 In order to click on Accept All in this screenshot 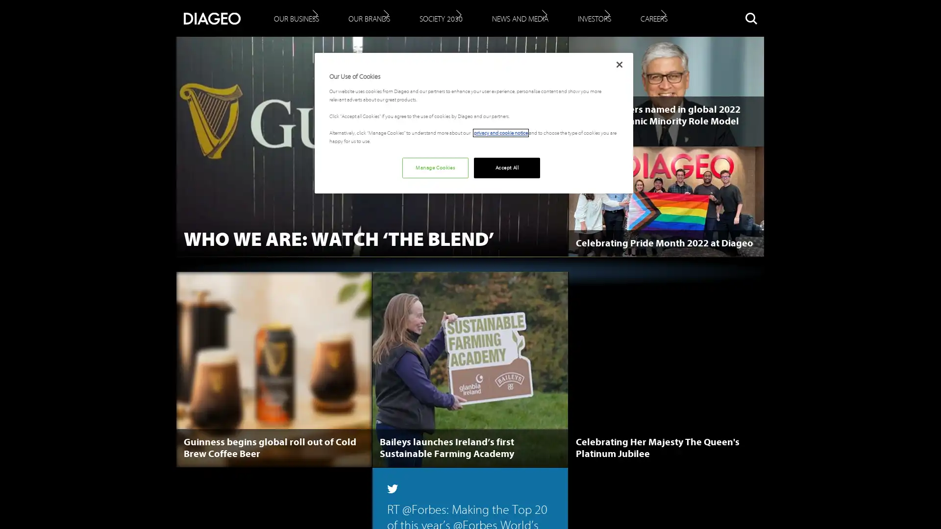, I will do `click(507, 167)`.